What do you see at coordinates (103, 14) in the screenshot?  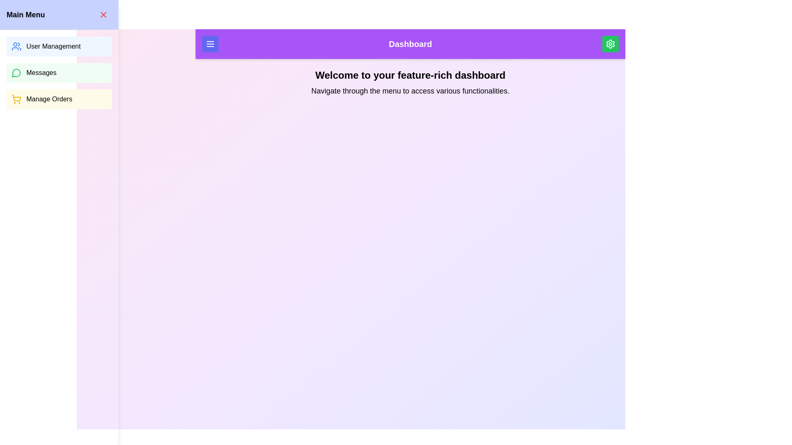 I see `the button located at the top-right corner of the 'Main Menu' header` at bounding box center [103, 14].